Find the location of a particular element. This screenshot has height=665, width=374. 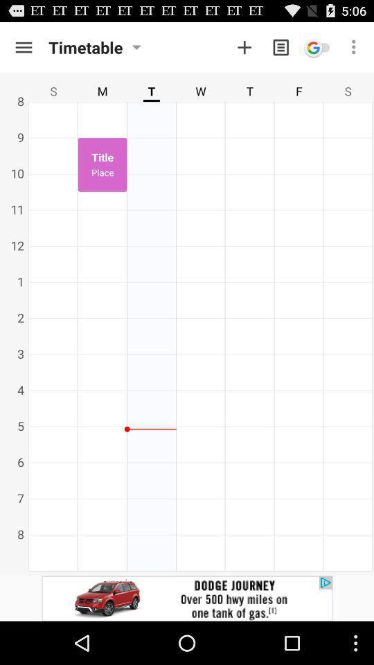

event is located at coordinates (244, 47).